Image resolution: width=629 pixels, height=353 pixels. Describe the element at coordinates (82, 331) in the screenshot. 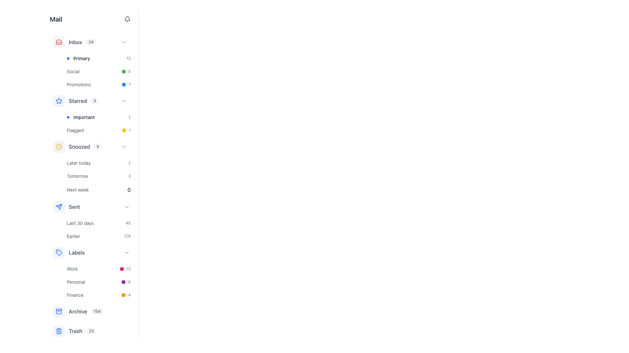

I see `the text label for the 'Trash' category in the left sidebar` at that location.